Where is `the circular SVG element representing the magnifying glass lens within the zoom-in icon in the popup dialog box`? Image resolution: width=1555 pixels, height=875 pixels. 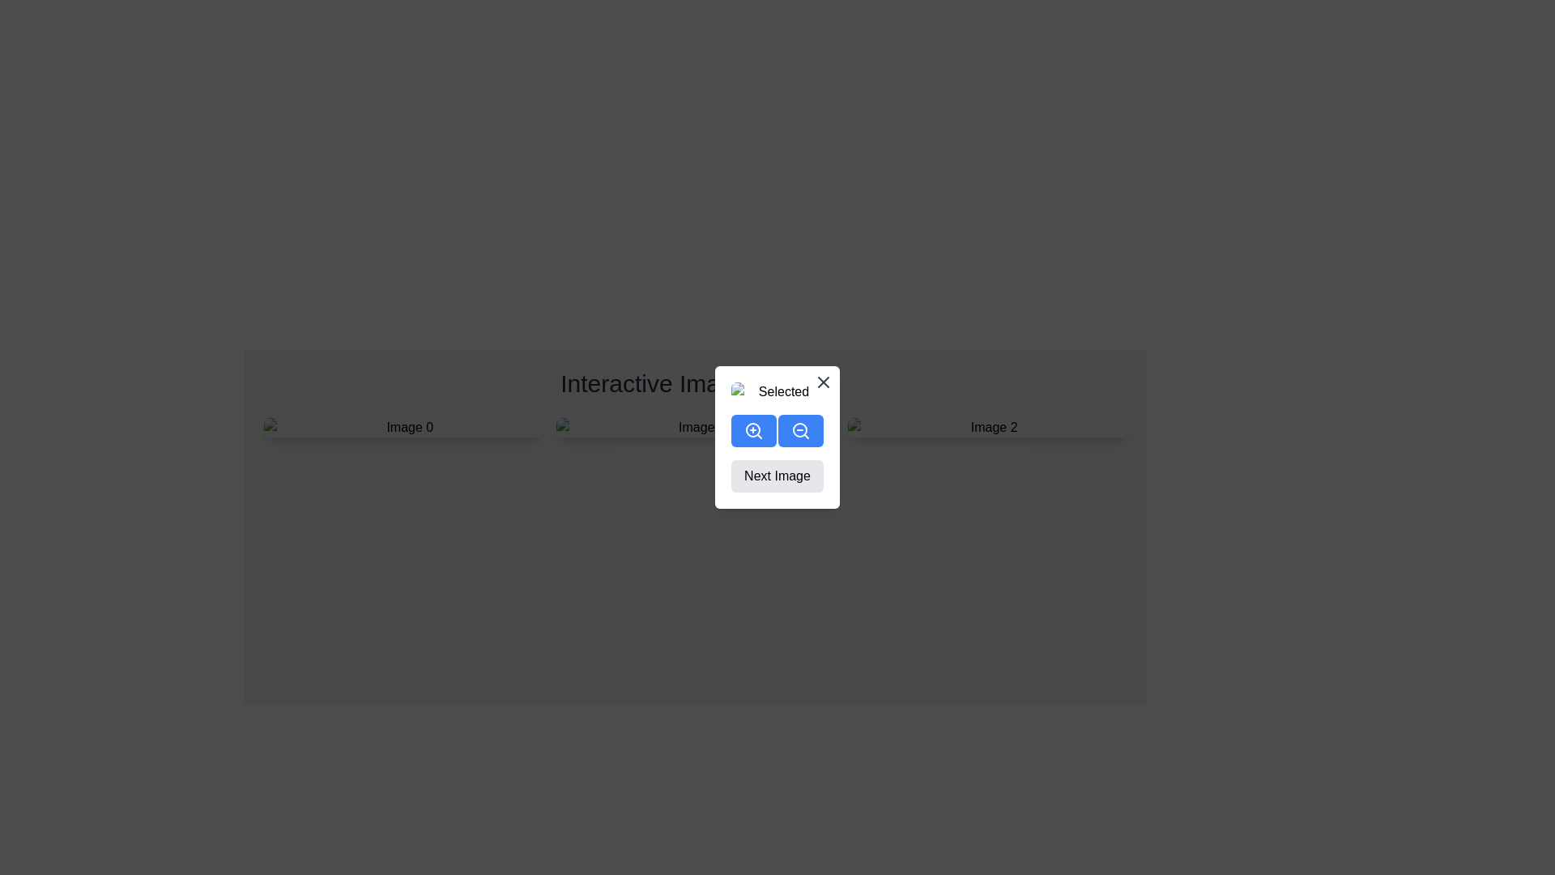 the circular SVG element representing the magnifying glass lens within the zoom-in icon in the popup dialog box is located at coordinates (752, 429).